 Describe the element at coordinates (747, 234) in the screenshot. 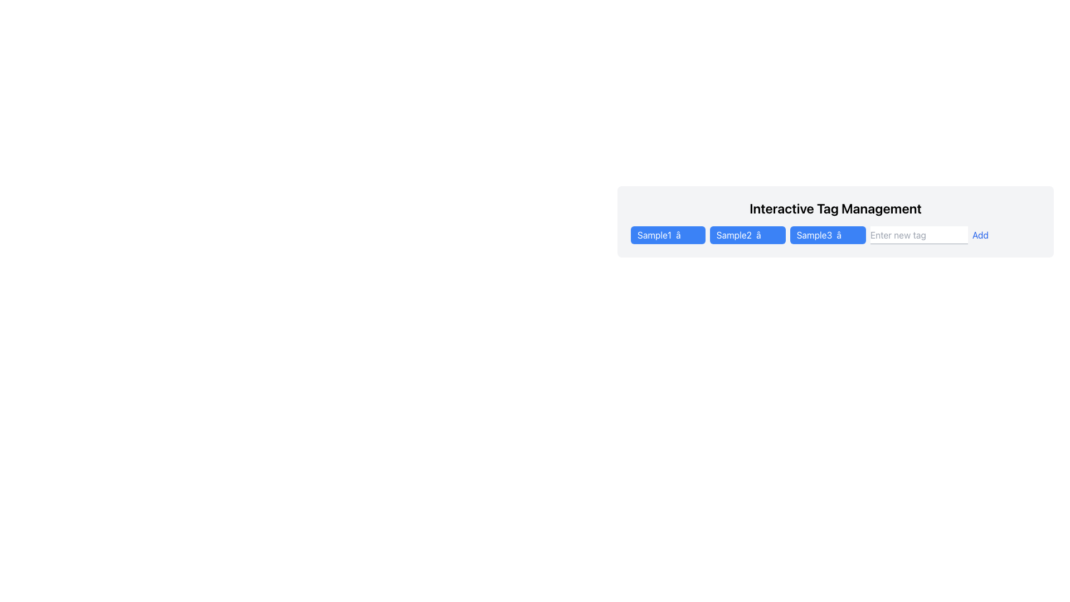

I see `the blue rectangular button labeled 'Sample2✓'` at that location.